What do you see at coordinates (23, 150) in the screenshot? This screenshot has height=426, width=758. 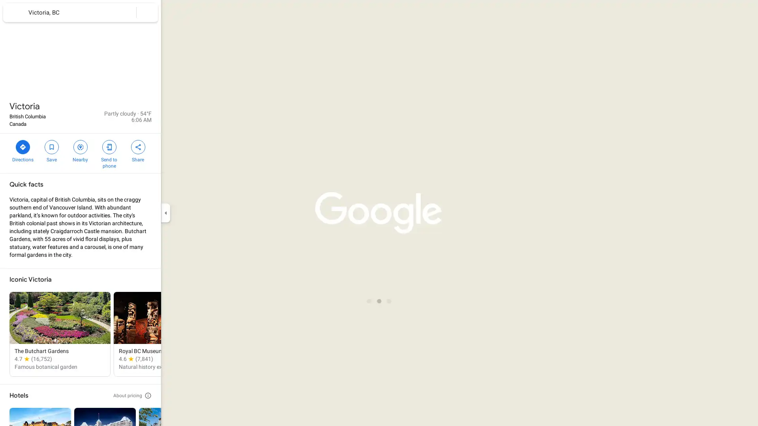 I see `Directions to Victoria` at bounding box center [23, 150].